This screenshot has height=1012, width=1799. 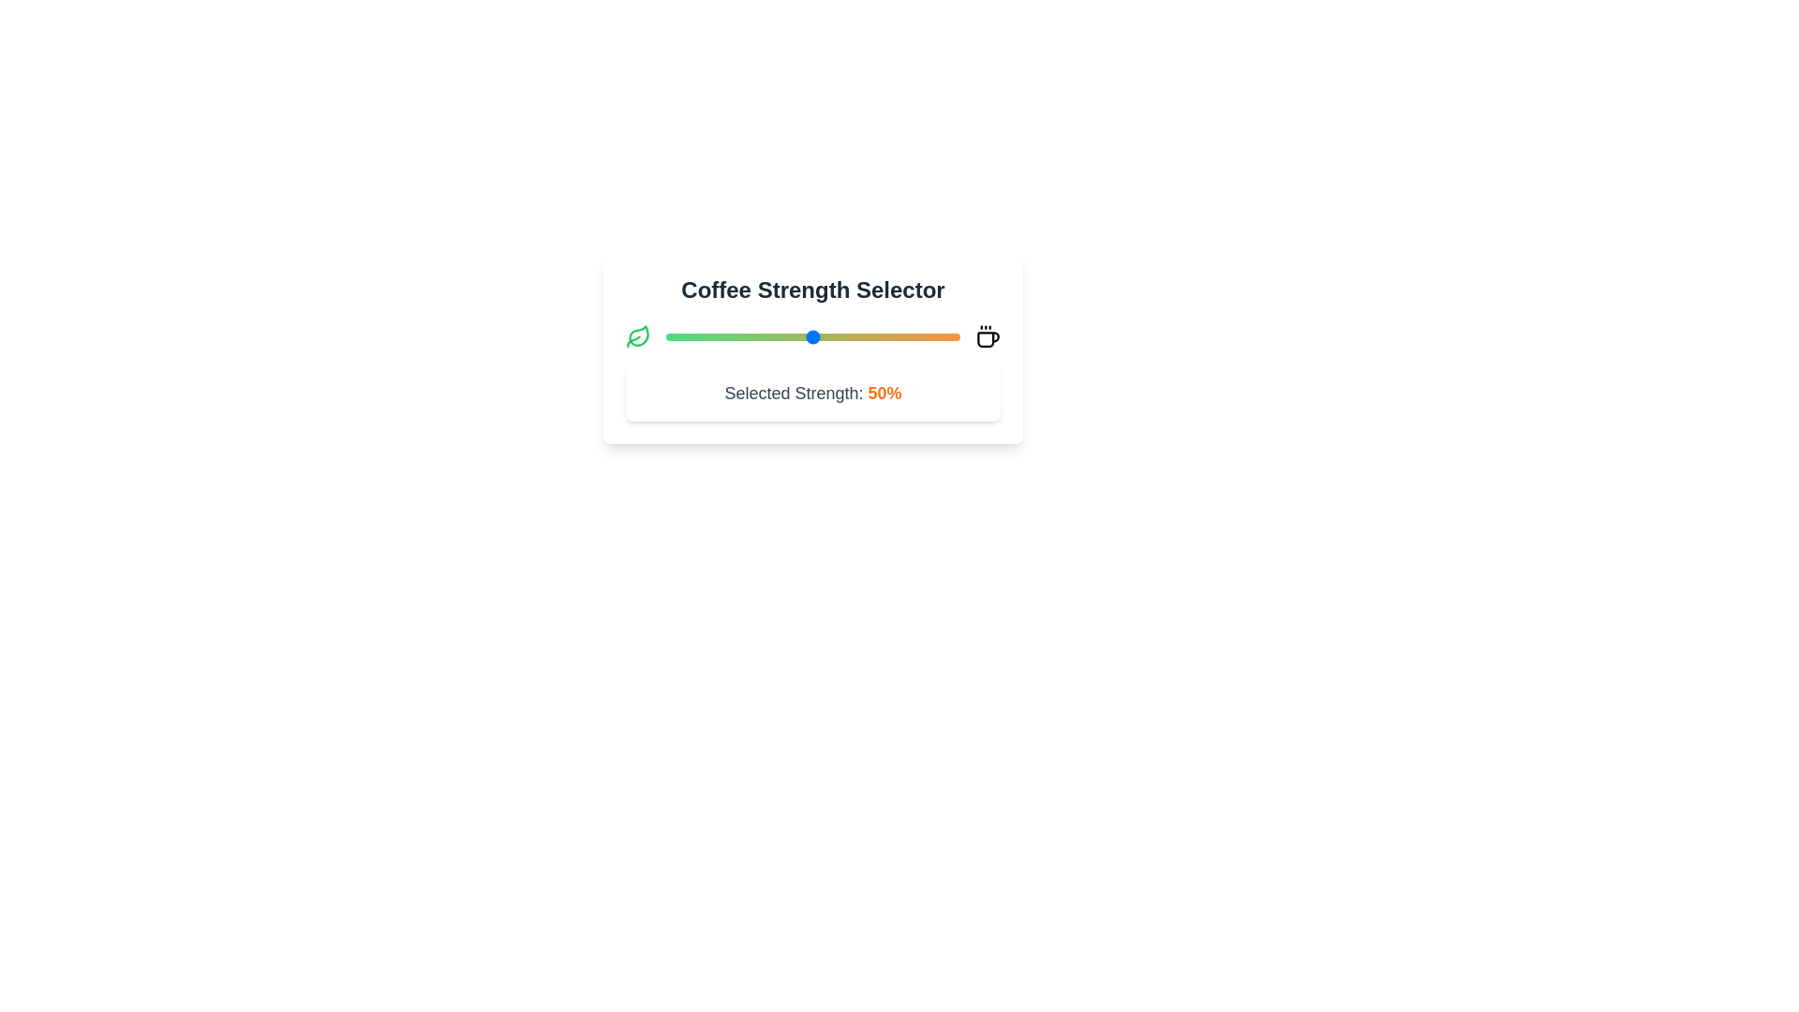 I want to click on the coffee strength slider to 99%, so click(x=957, y=335).